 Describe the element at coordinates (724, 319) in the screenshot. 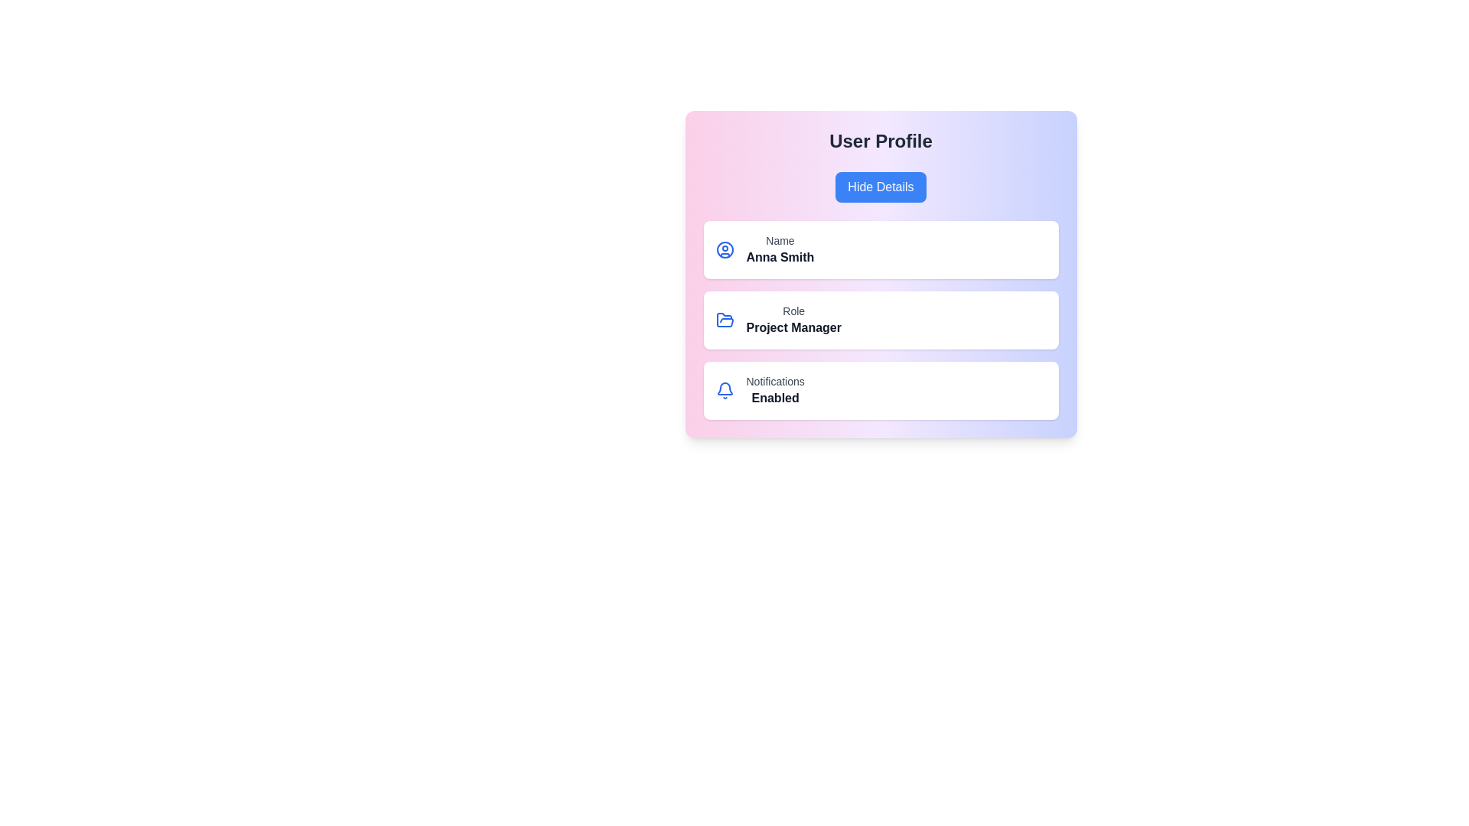

I see `the folder or file-related icon located in the second row of the user profile section, next to the 'Project Manager' label` at that location.